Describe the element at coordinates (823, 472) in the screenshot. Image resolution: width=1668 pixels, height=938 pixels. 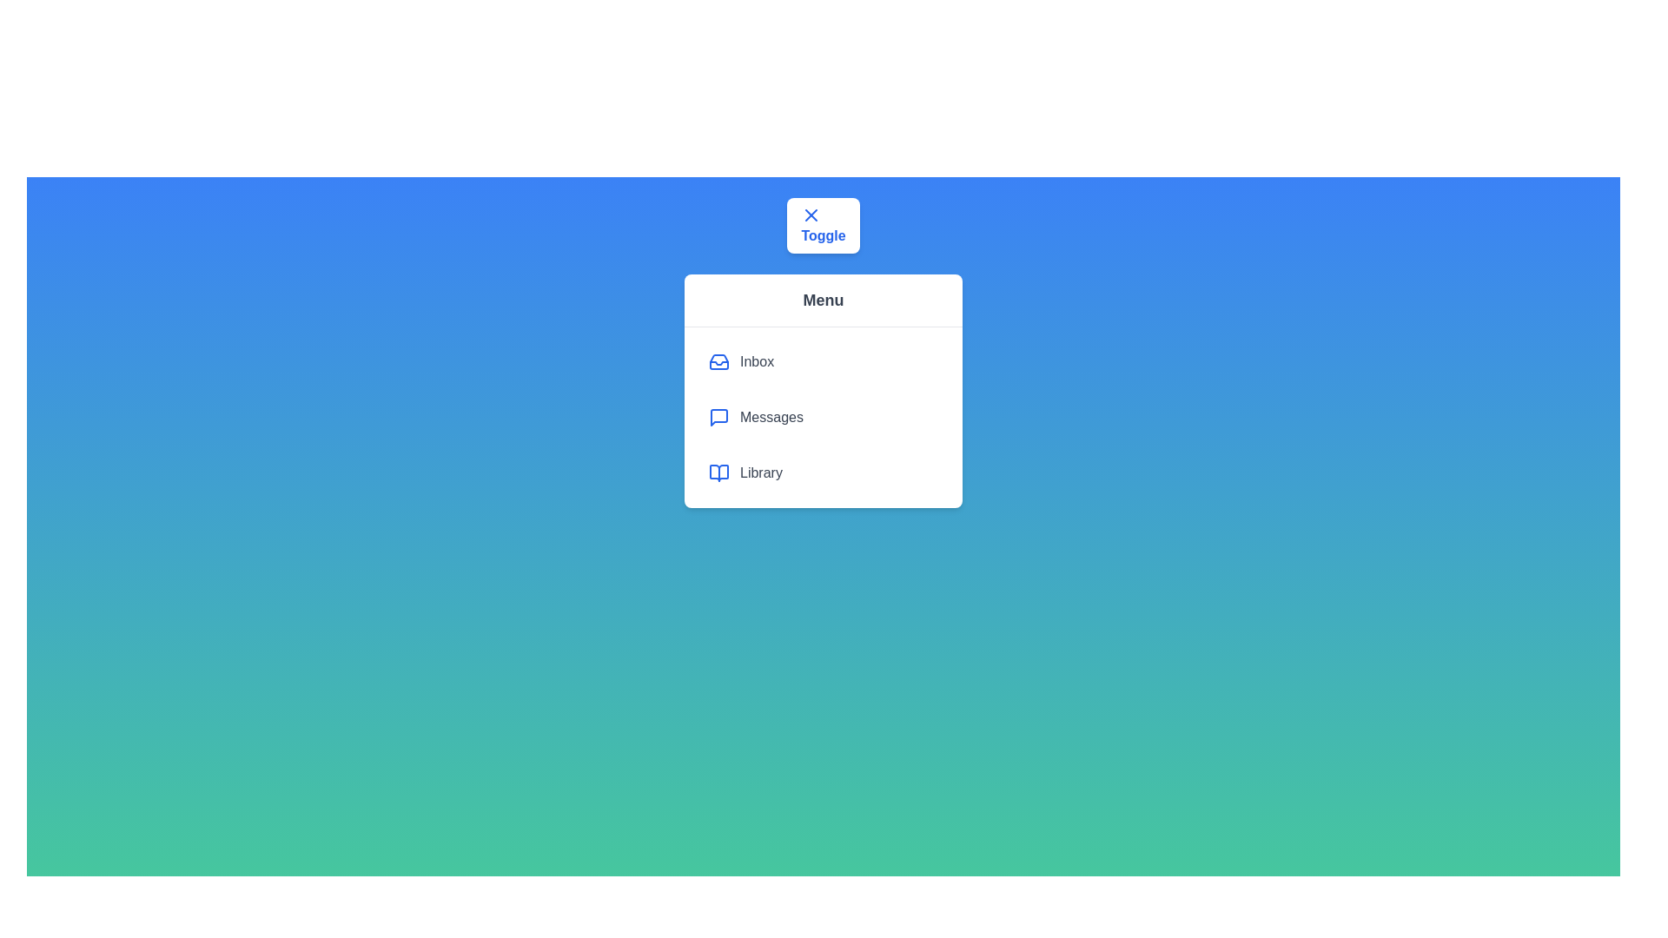
I see `the menu item Library to highlight it` at that location.